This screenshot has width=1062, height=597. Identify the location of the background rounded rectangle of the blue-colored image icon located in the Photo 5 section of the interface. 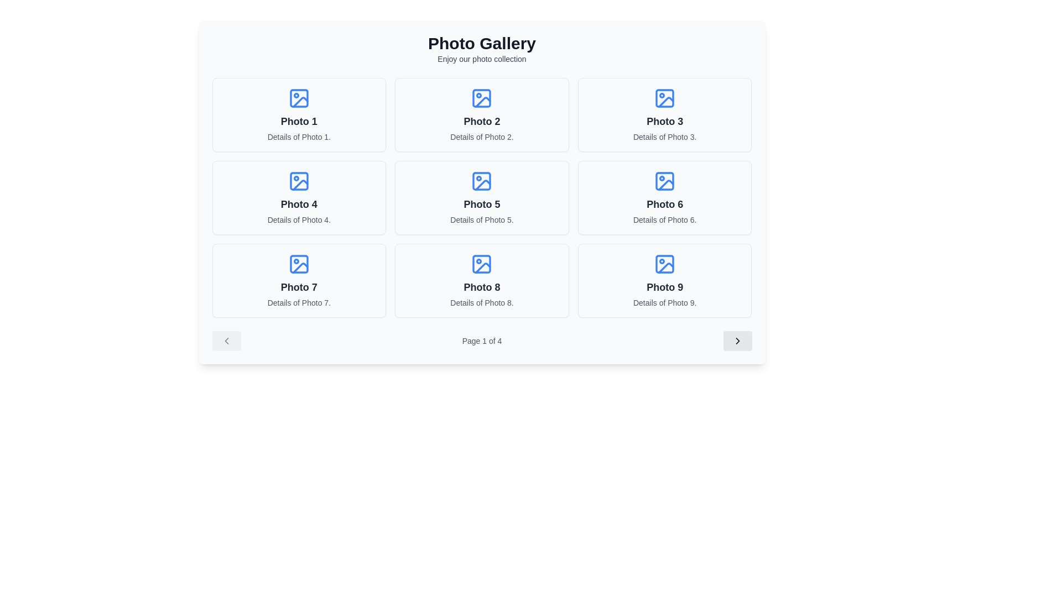
(482, 180).